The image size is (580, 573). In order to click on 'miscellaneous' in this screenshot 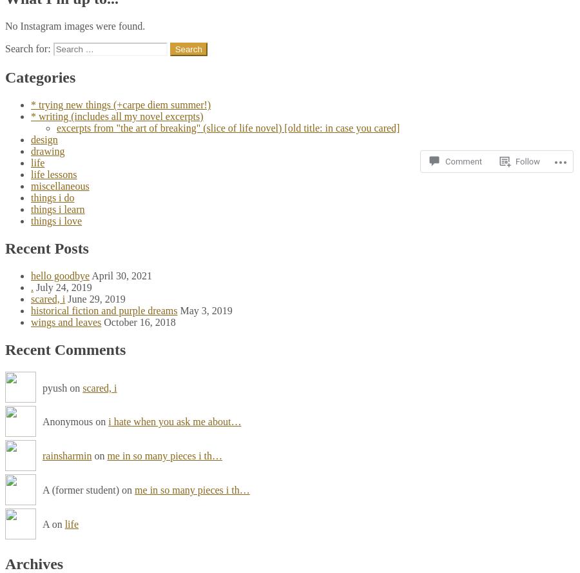, I will do `click(30, 185)`.